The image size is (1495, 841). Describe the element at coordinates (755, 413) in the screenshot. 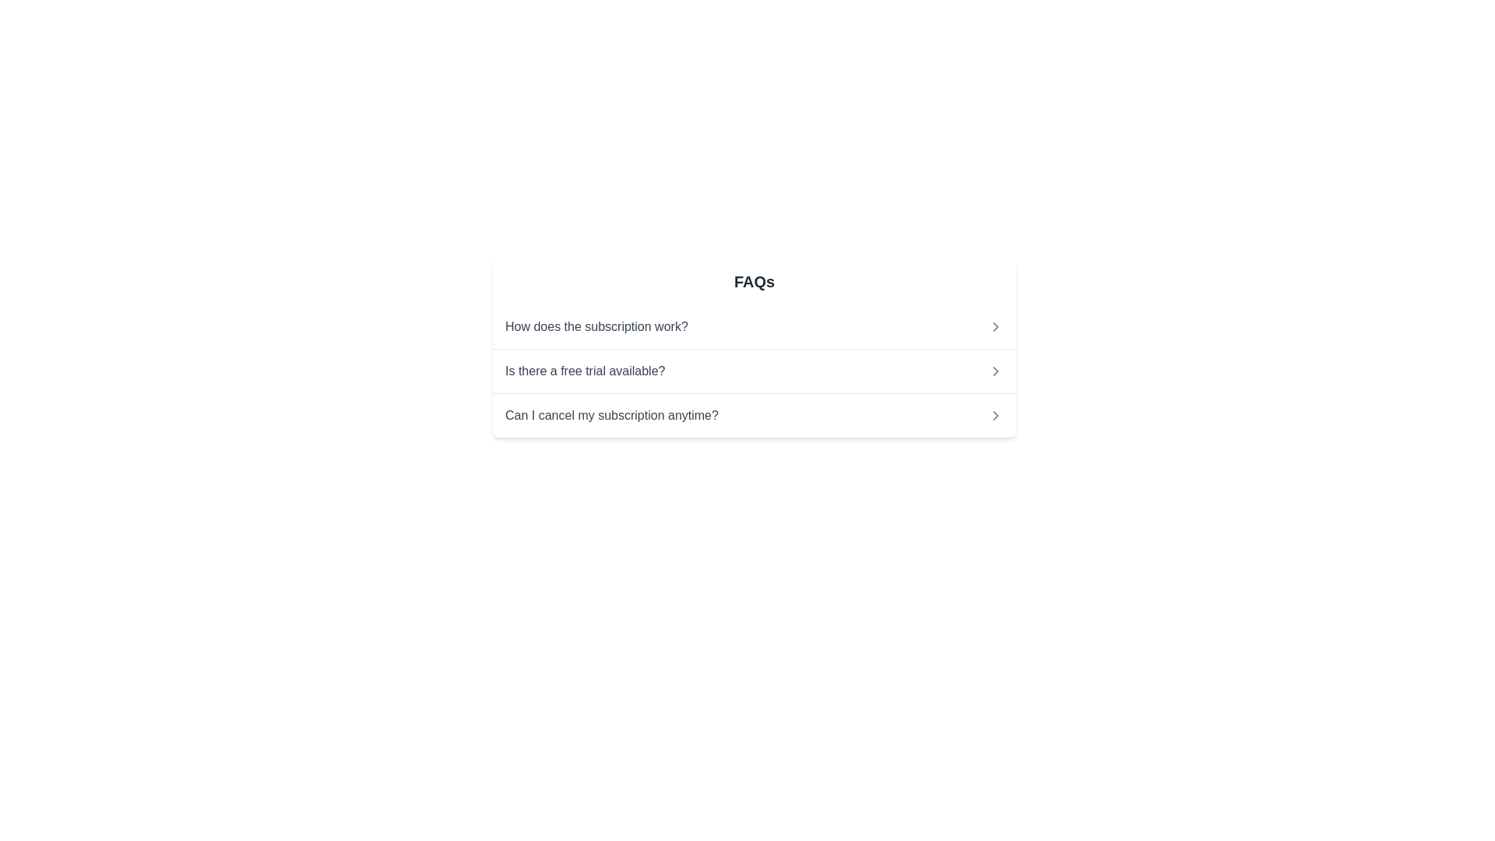

I see `the FAQ list item with the question 'Can I cancel my subscription anytime?'` at that location.